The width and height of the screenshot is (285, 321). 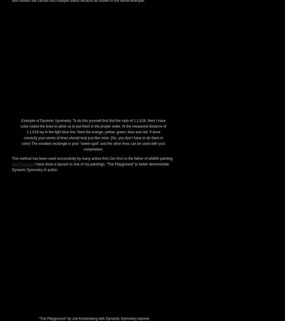 What do you see at coordinates (49, 53) in the screenshot?
I see `'Dynamic Symmetry'` at bounding box center [49, 53].